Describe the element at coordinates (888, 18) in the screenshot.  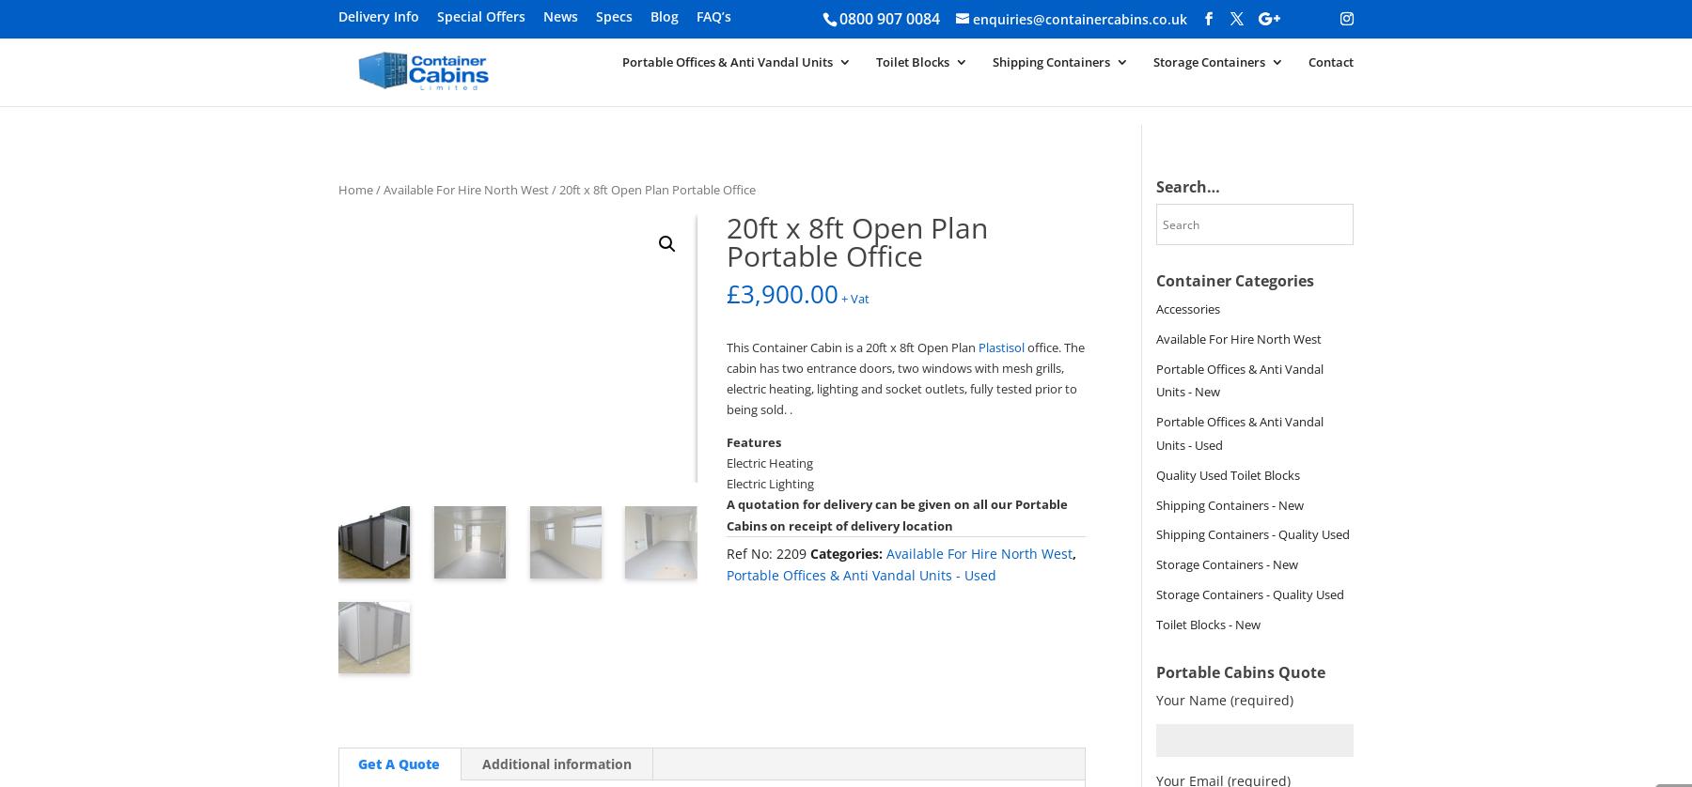
I see `'0800 907 0084'` at that location.